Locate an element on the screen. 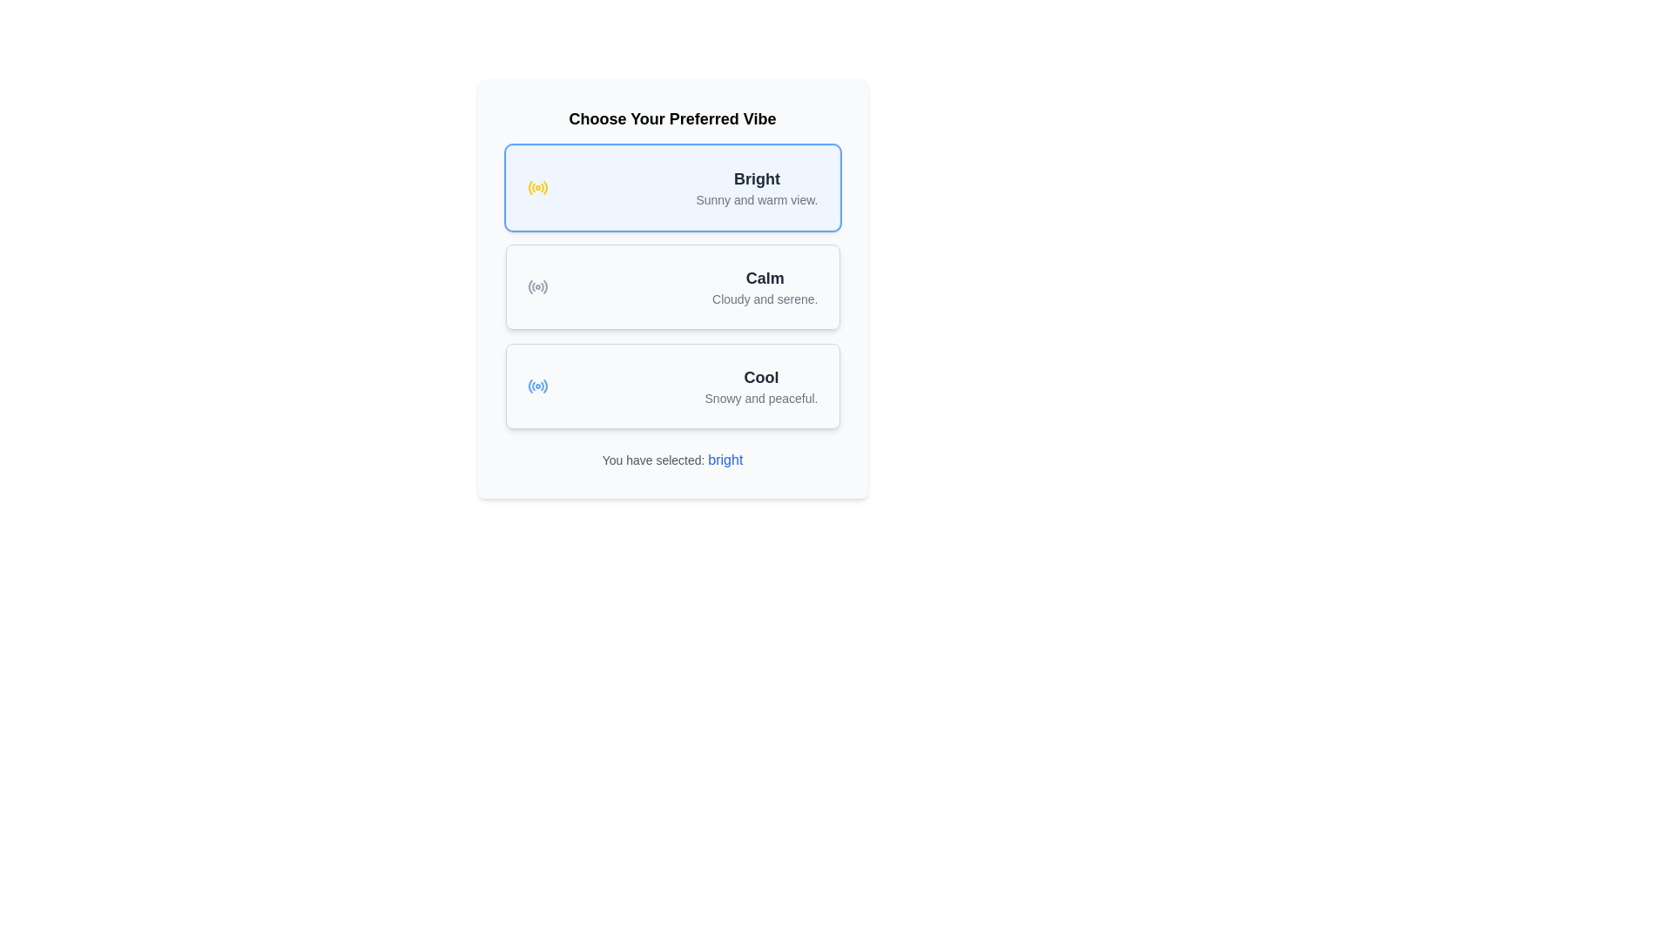  the text label that provides additional descriptive information about the 'Bright' option in the vertical selection list, which is located directly below the title 'Bright' and within a blue border is located at coordinates (757, 199).